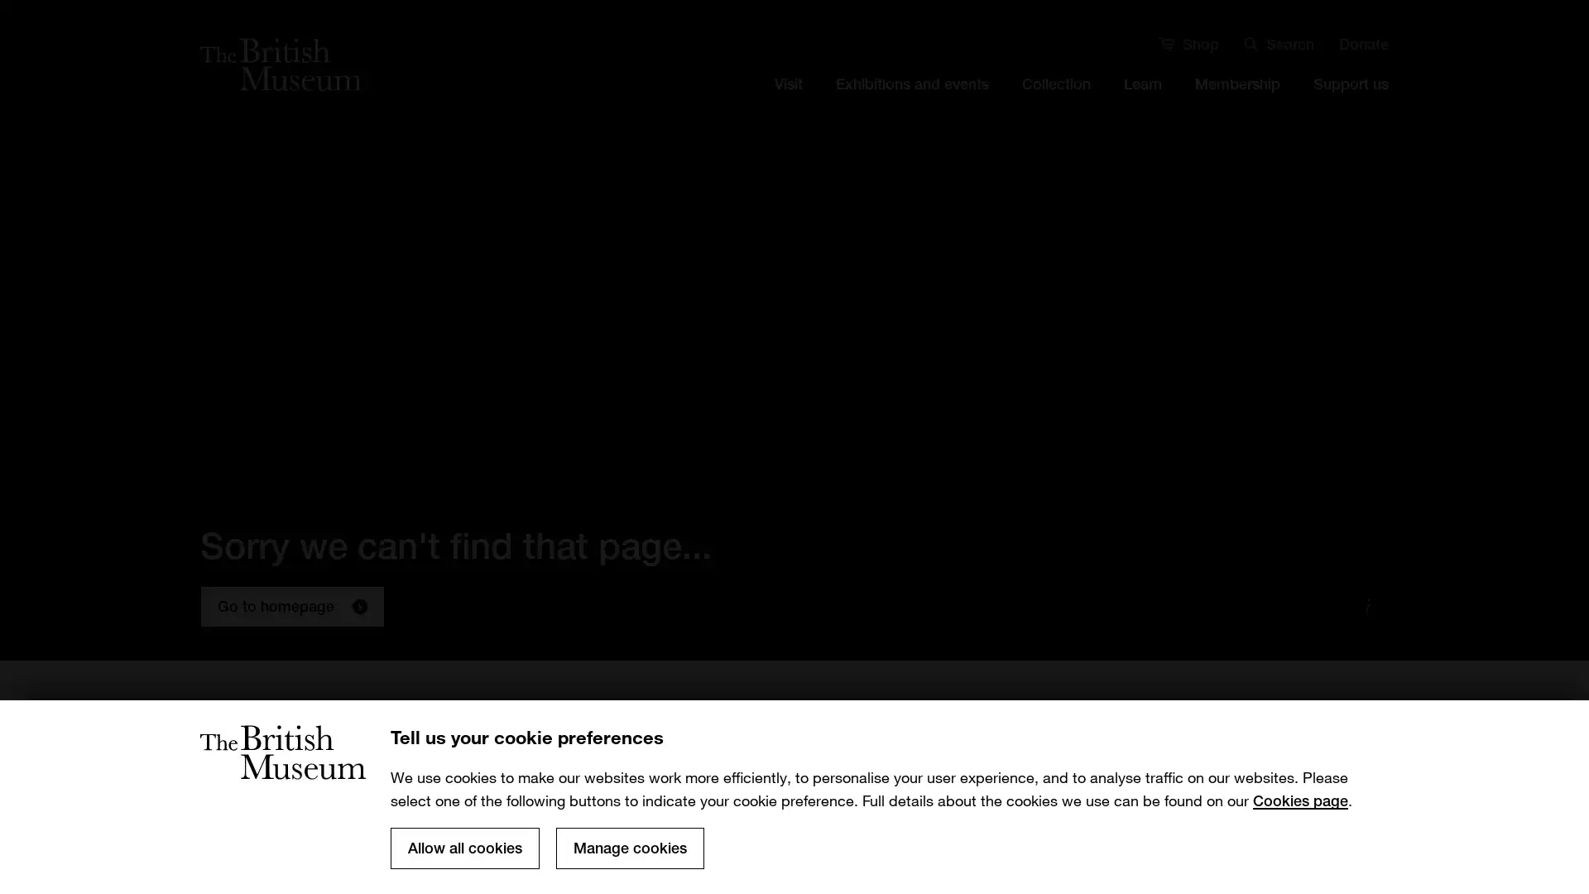 The image size is (1589, 894). Describe the element at coordinates (1142, 115) in the screenshot. I see `Toggle Learn submenu` at that location.